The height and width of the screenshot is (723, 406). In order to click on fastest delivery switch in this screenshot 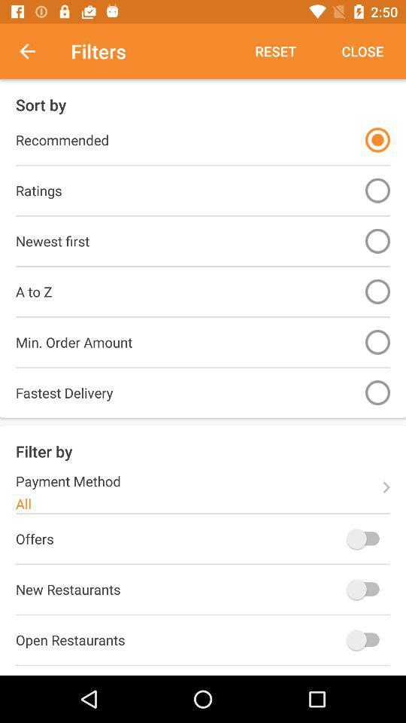, I will do `click(377, 392)`.